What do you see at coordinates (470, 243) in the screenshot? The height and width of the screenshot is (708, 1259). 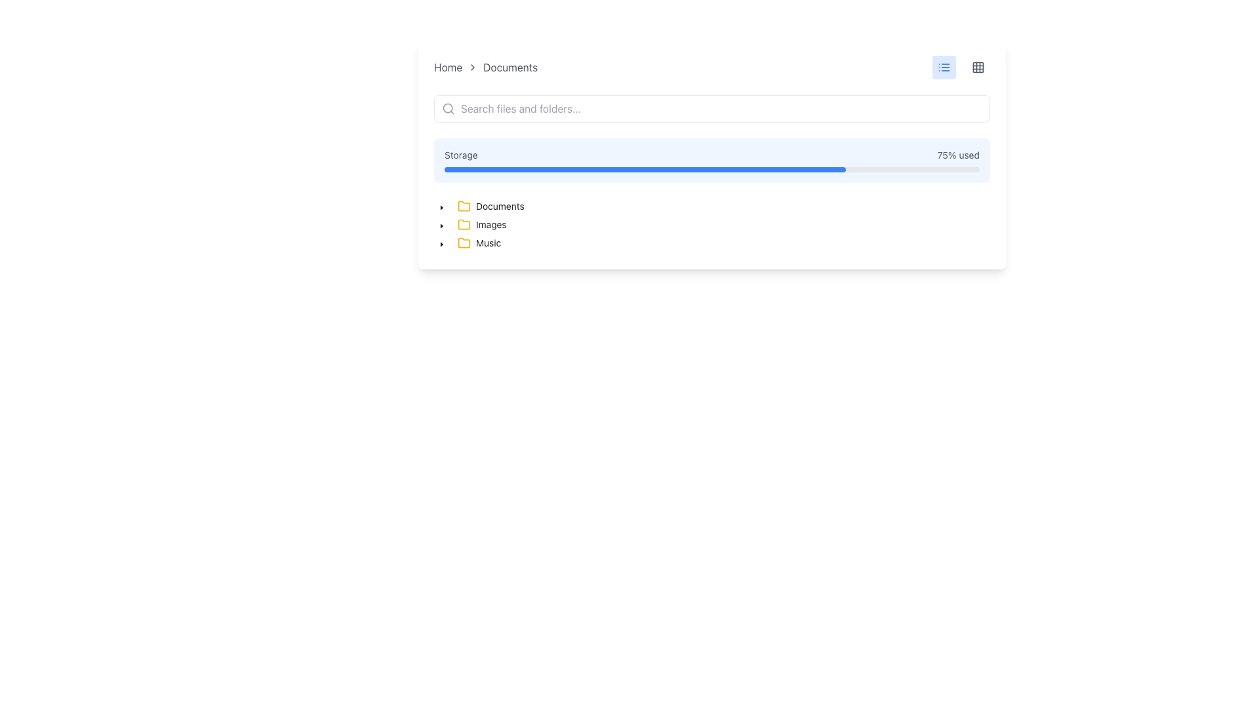 I see `the 'Music' folder entry` at bounding box center [470, 243].